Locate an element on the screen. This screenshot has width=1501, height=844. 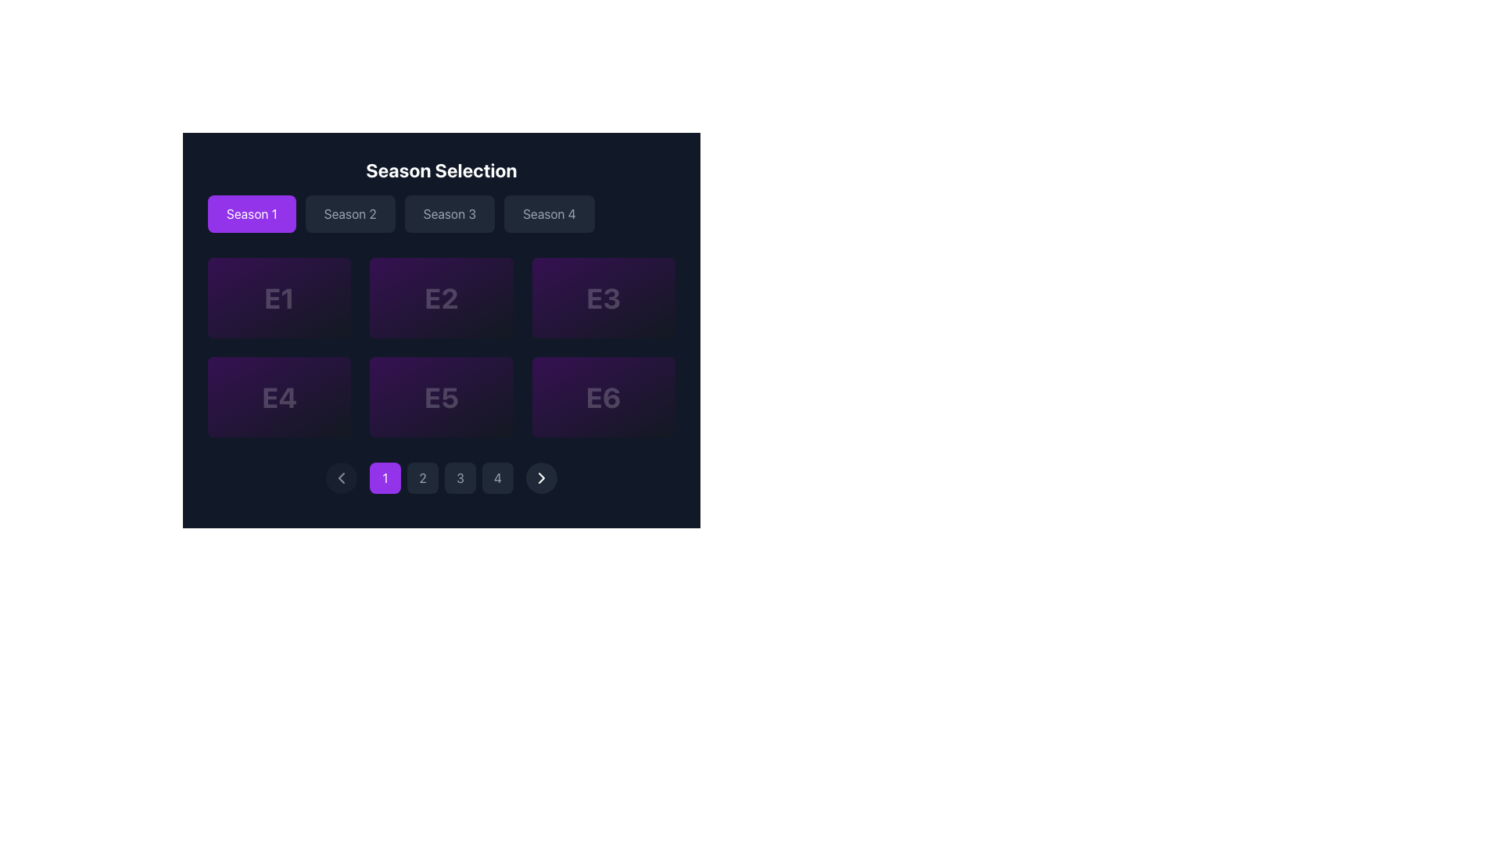
the separator indicator located between the pagination numbers '2' and '3' in the bottom center of the navigation bar is located at coordinates (441, 477).